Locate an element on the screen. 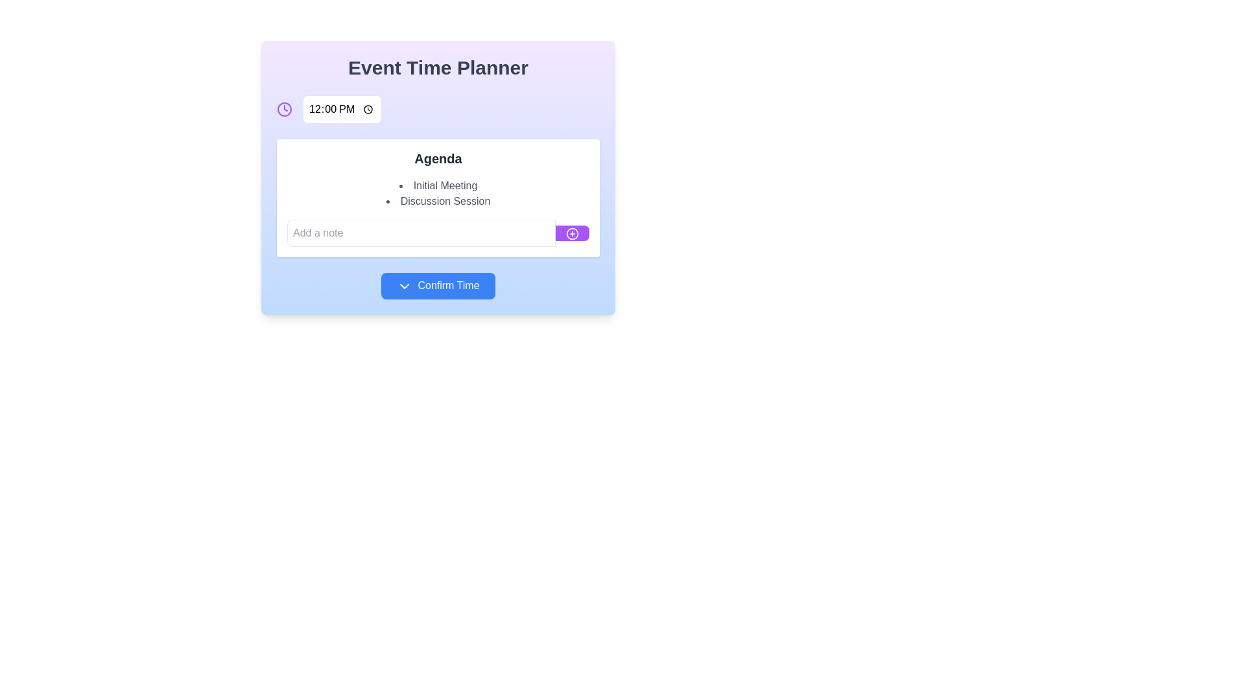 The image size is (1245, 700). the clock icon located in the top-left corner of the 'Event Time Planner' interface, which is directly to the left of the time input field ('12:00 PM') is located at coordinates (283, 109).